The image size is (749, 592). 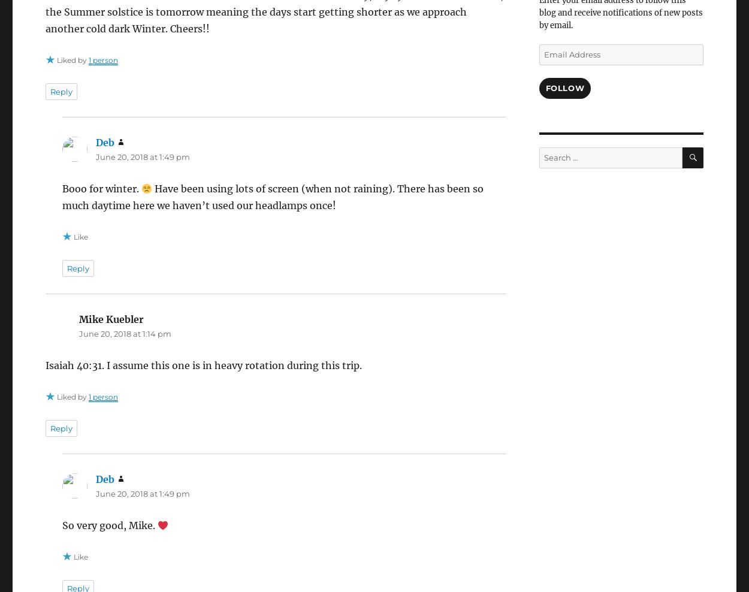 What do you see at coordinates (111, 318) in the screenshot?
I see `'Mike Kuebler'` at bounding box center [111, 318].